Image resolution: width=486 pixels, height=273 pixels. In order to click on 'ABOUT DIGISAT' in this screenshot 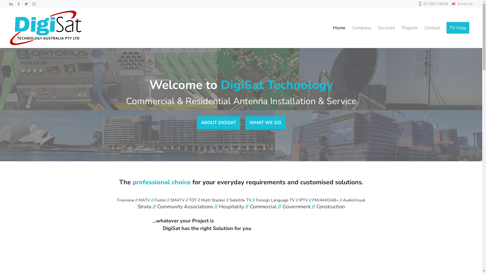, I will do `click(218, 123)`.